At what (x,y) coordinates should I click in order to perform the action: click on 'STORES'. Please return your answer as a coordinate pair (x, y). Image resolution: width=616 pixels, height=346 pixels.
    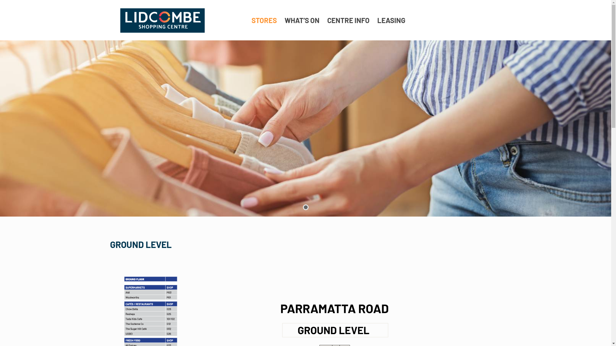
    Looking at the image, I should click on (264, 20).